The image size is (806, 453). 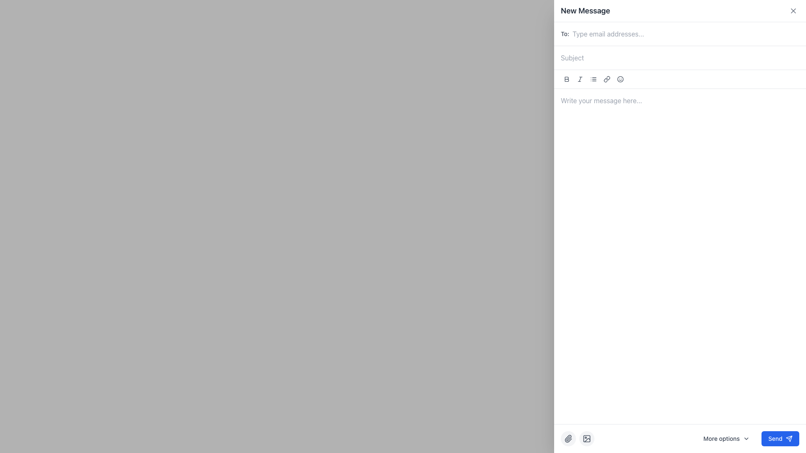 I want to click on the attachment icon button located at the bottom of the interface, slightly to the left of the center of the horizontal section, to attach files, so click(x=568, y=438).